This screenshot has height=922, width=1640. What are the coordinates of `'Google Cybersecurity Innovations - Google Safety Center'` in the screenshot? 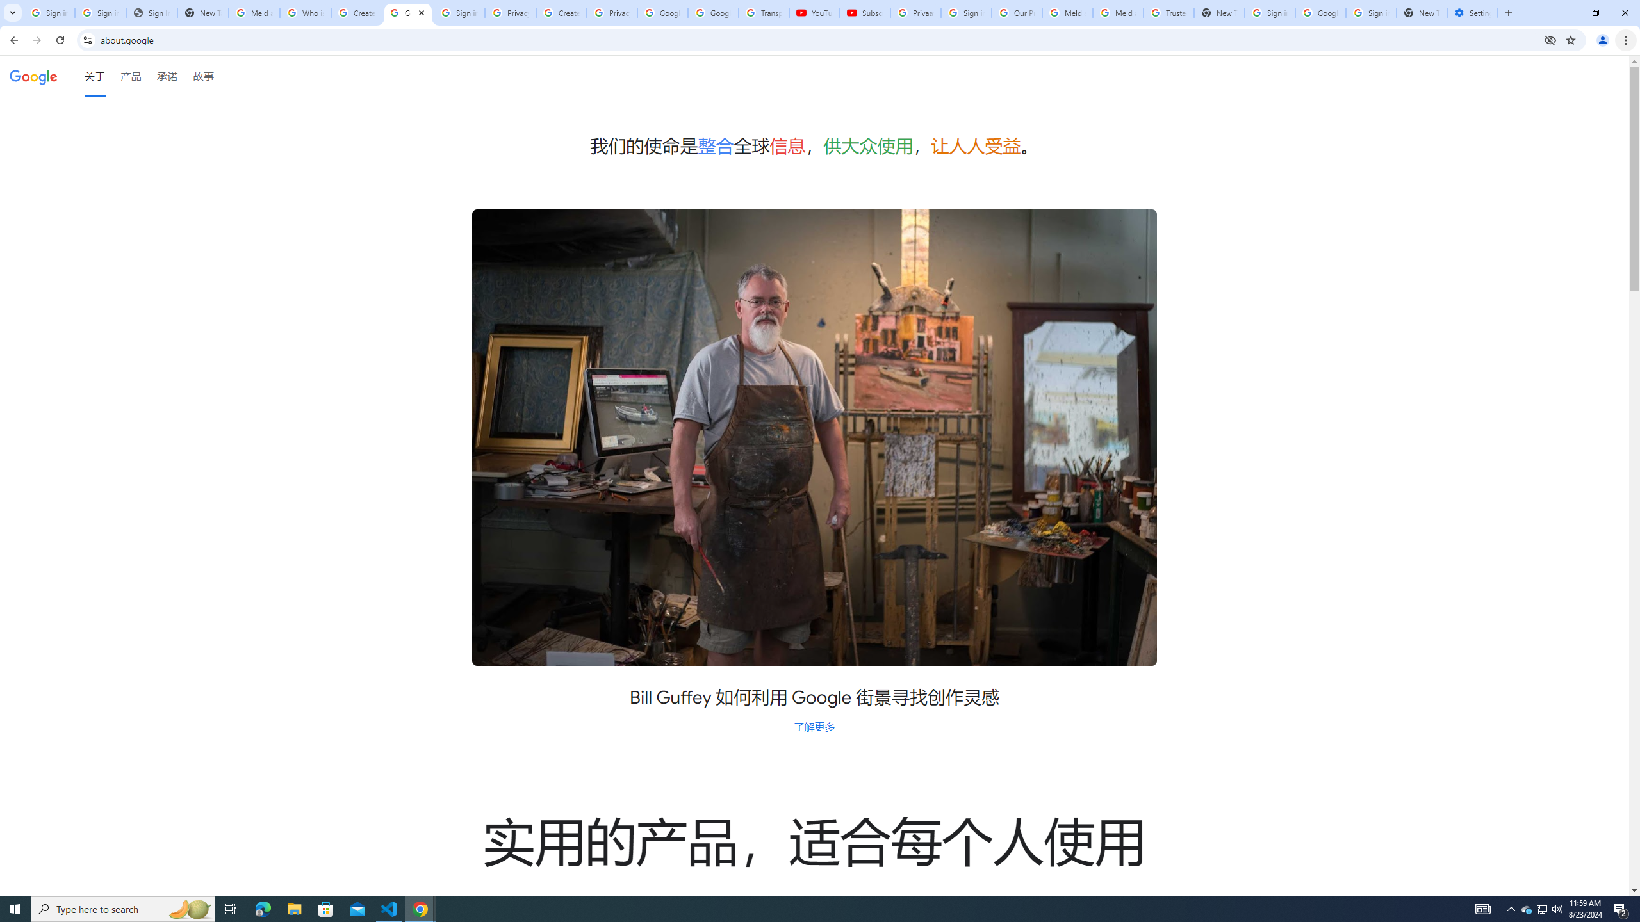 It's located at (1319, 12).